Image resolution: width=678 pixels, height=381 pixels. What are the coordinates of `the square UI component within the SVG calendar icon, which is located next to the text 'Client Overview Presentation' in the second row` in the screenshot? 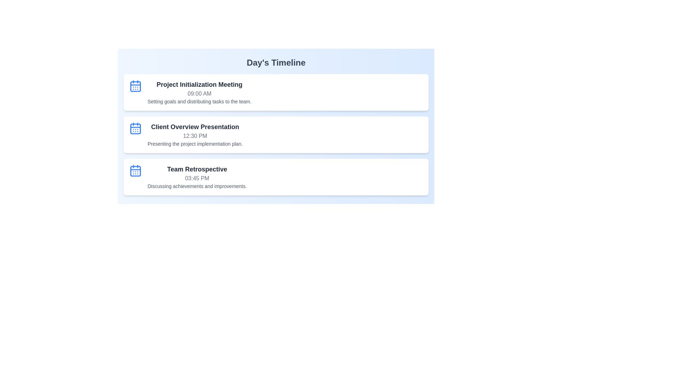 It's located at (136, 129).